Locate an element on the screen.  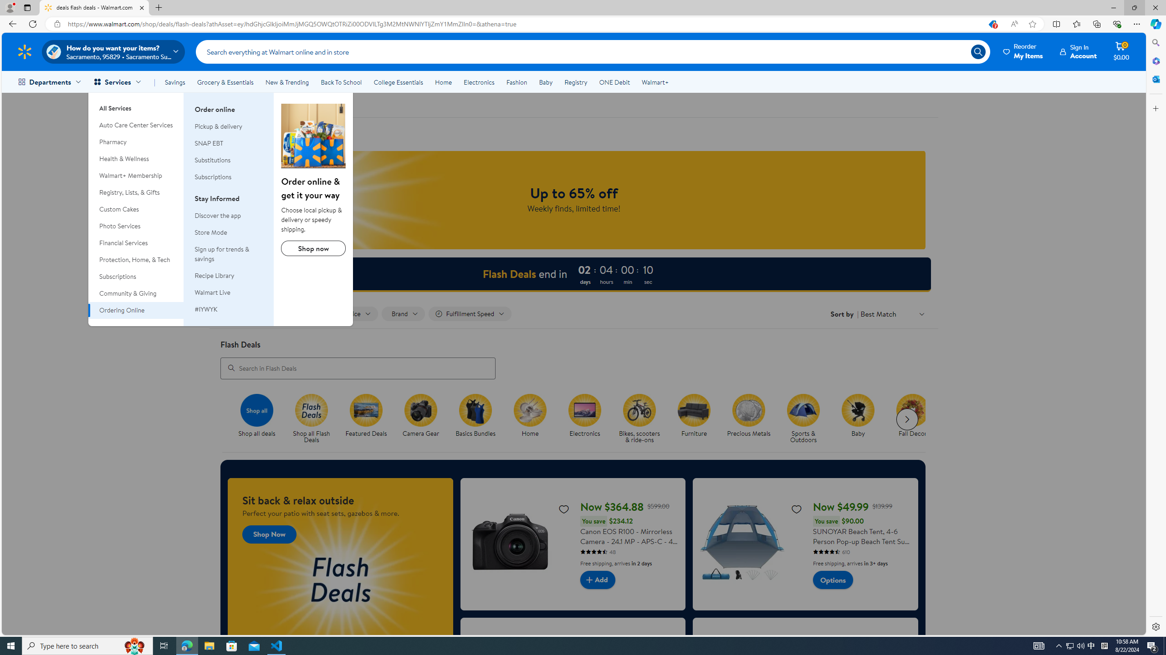
'Store Mode' is located at coordinates (229, 232).